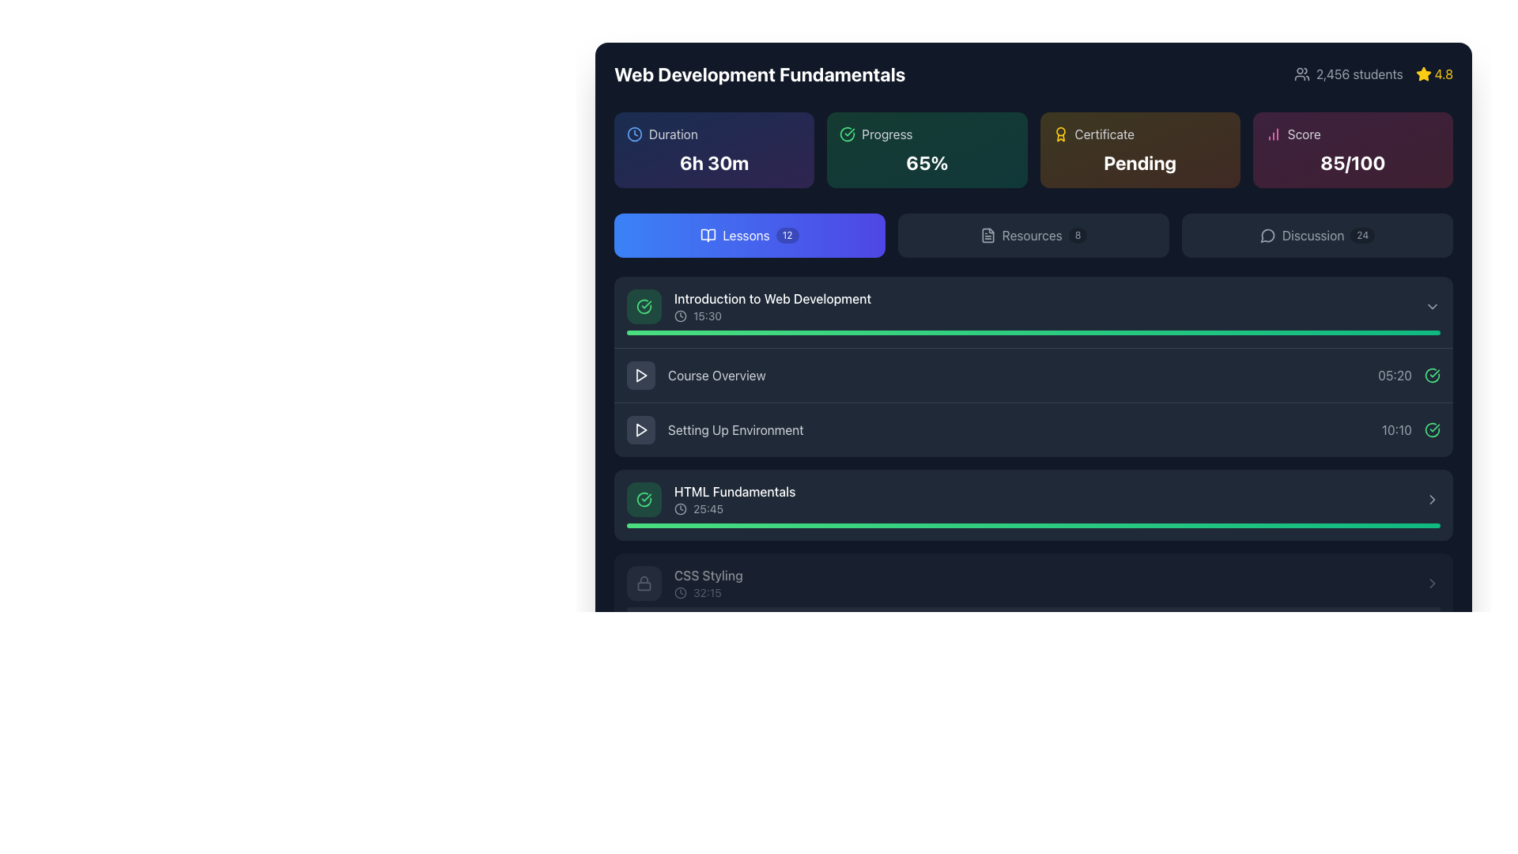 The image size is (1518, 854). Describe the element at coordinates (1444, 74) in the screenshot. I see `the static text displaying the rating '4.8', which is prominently styled in yellow and positioned to the right of a small star icon in the top right corner of the interface` at that location.